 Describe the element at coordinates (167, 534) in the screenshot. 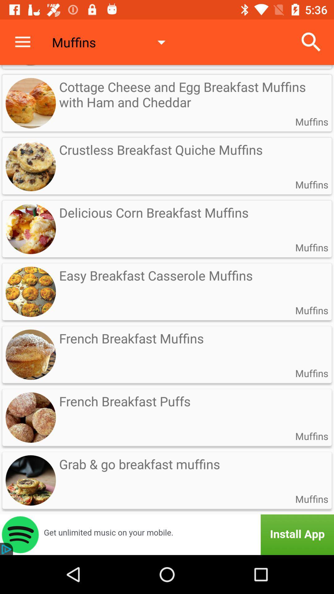

I see `the app` at that location.